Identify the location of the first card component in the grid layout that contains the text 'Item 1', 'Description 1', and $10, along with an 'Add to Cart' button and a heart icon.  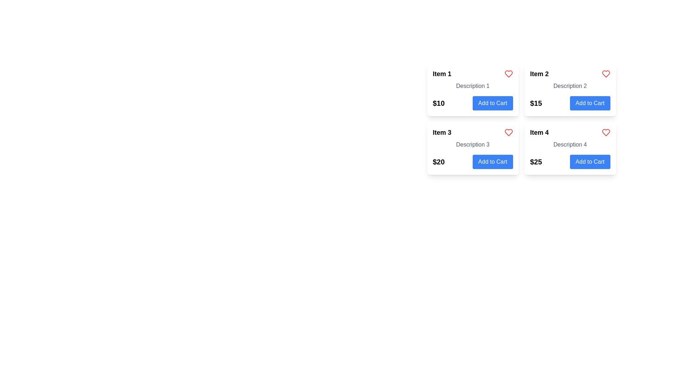
(473, 89).